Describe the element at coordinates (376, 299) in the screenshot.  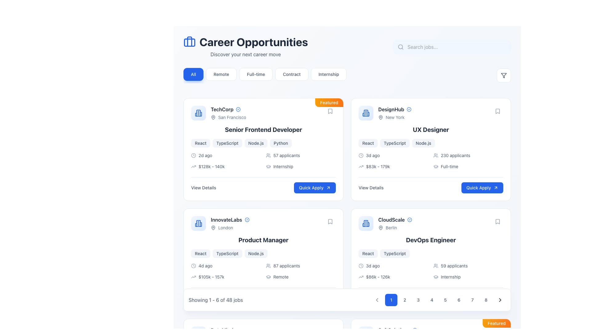
I see `the button located in the pagination section to the left of the pagination number '1'` at that location.